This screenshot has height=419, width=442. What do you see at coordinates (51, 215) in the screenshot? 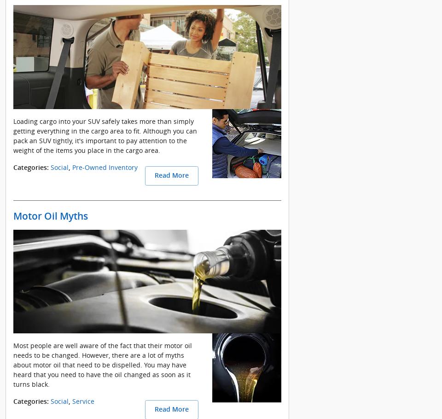
I see `'Motor Oil Myths'` at bounding box center [51, 215].